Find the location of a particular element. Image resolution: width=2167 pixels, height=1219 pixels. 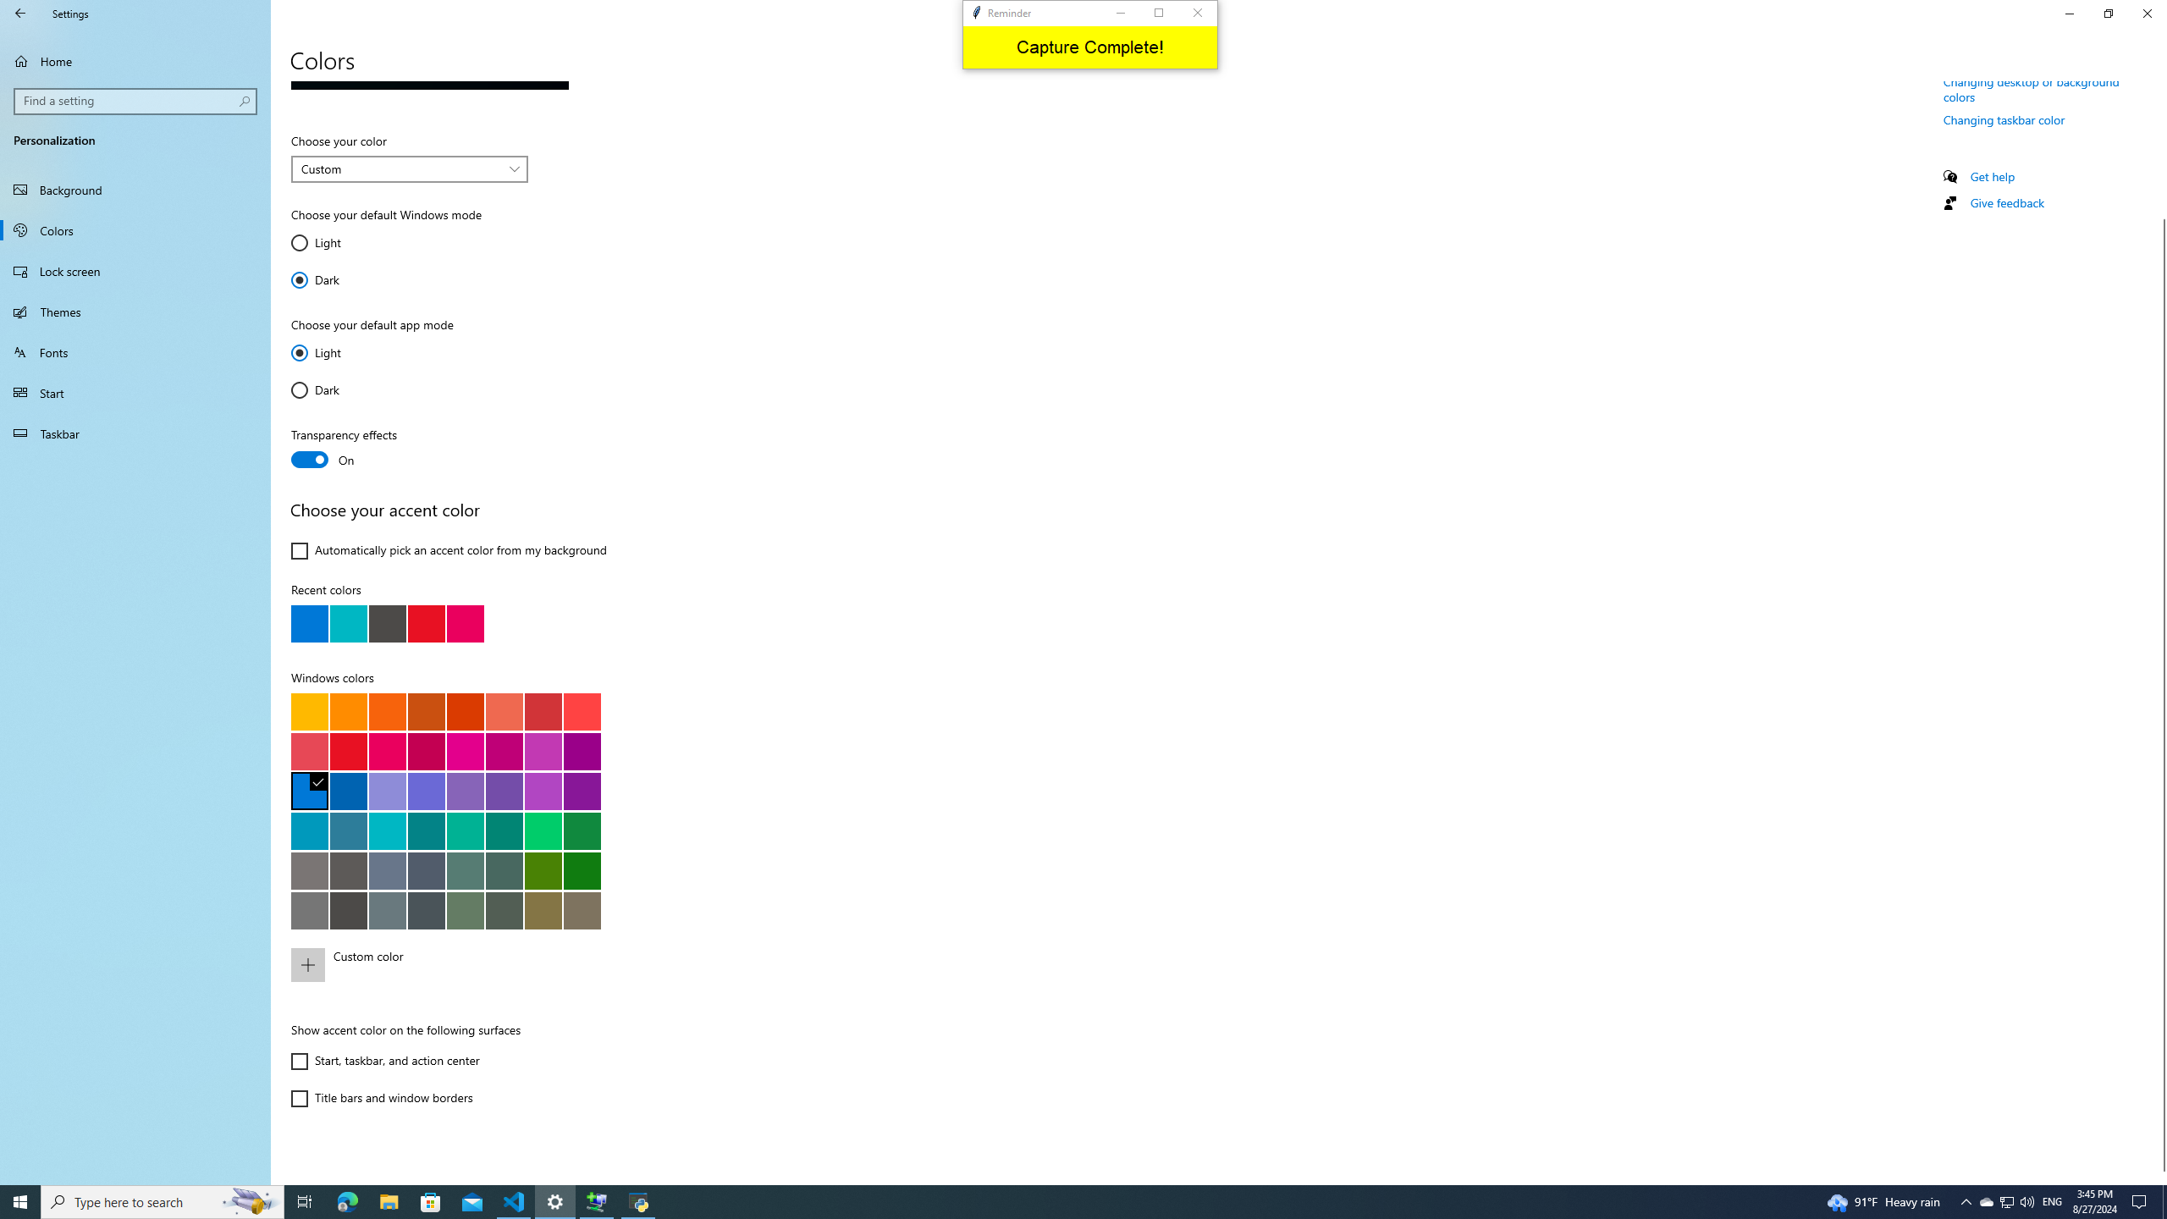

'Plum light' is located at coordinates (465, 750).